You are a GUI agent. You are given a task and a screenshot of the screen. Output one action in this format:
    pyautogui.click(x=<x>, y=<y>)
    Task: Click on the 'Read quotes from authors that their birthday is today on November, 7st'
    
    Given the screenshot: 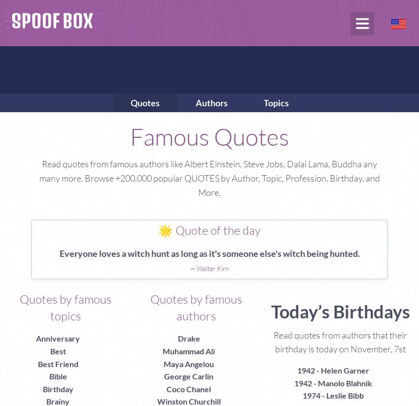 What is the action you would take?
    pyautogui.click(x=340, y=342)
    